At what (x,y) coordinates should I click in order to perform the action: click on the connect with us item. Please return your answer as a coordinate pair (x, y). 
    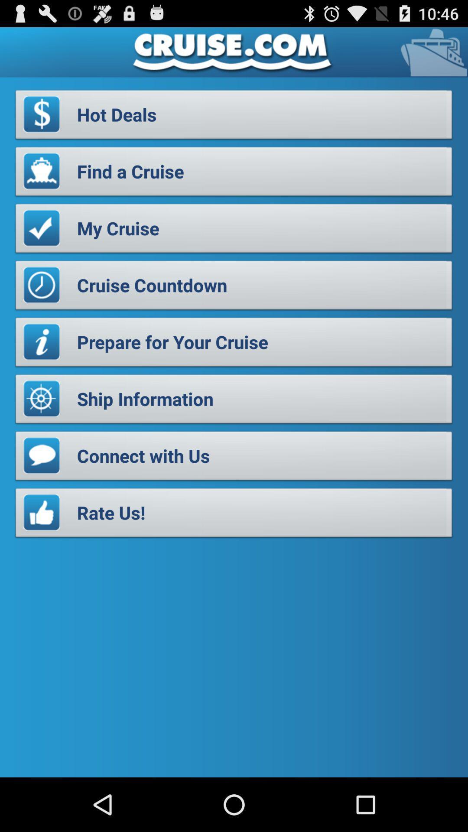
    Looking at the image, I should click on (234, 458).